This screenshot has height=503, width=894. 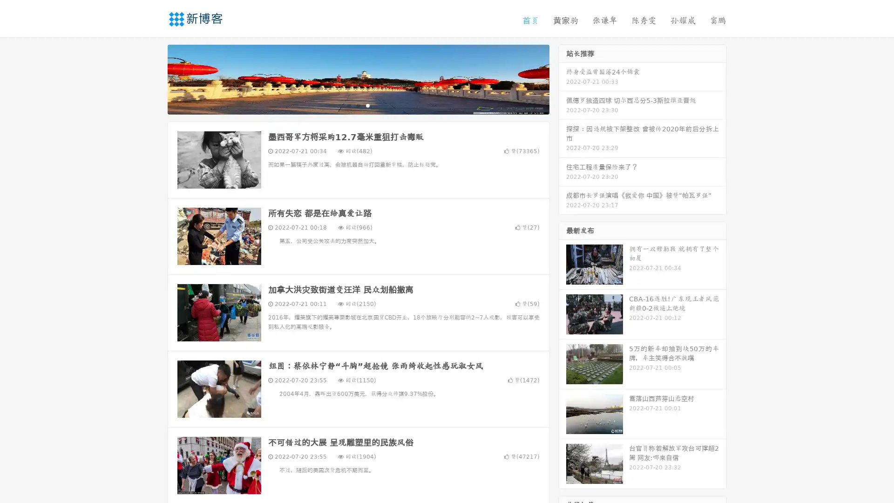 What do you see at coordinates (348, 105) in the screenshot?
I see `Go to slide 1` at bounding box center [348, 105].